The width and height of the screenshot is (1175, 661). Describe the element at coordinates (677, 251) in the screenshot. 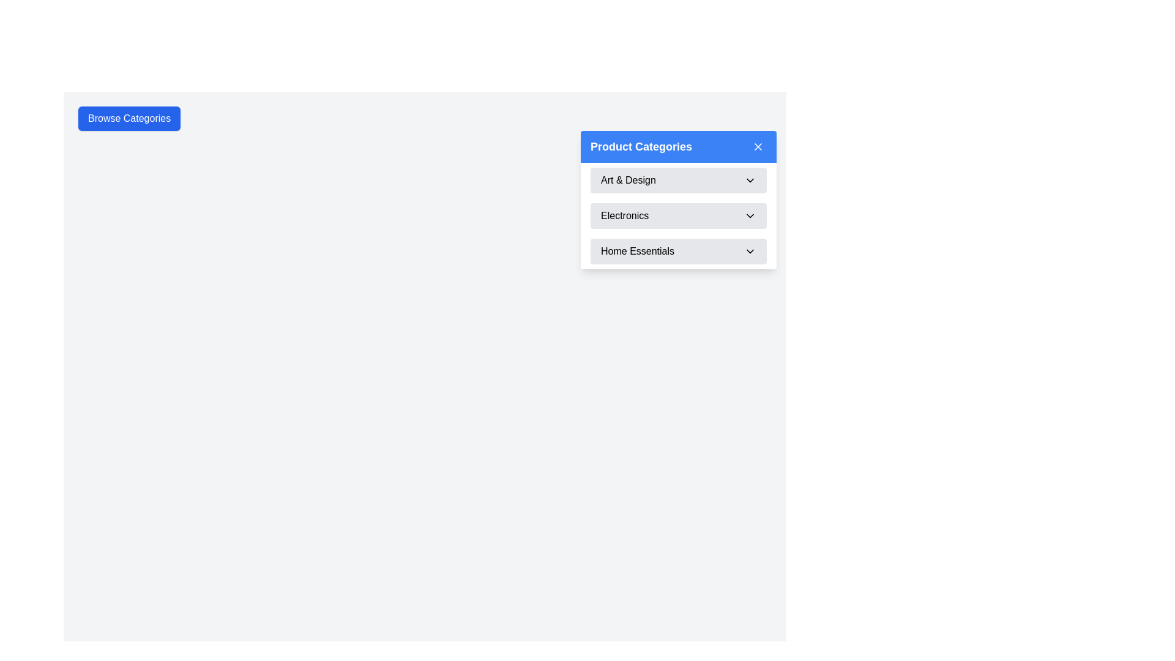

I see `the third item in the 'Product Categories' dropdown menu` at that location.